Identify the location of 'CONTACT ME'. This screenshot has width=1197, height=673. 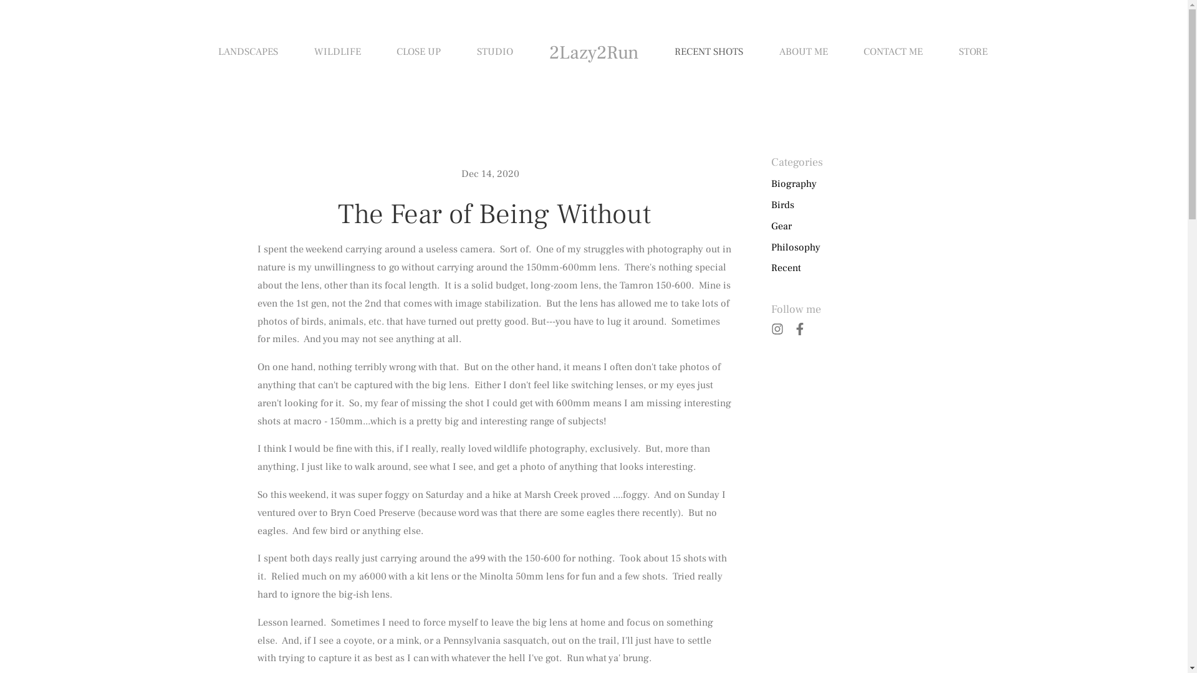
(892, 52).